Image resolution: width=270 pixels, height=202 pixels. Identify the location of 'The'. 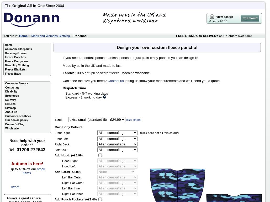
(5, 6).